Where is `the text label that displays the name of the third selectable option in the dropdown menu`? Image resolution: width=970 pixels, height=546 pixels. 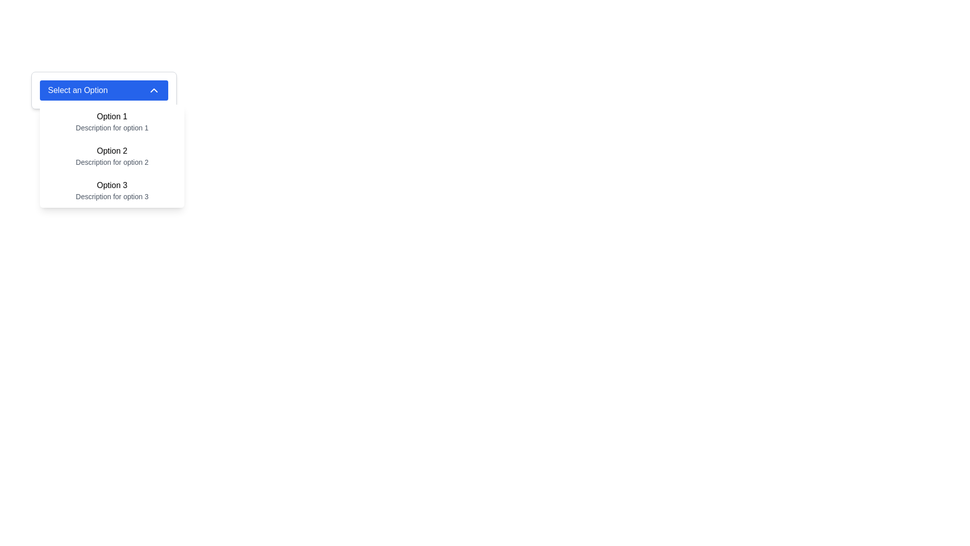 the text label that displays the name of the third selectable option in the dropdown menu is located at coordinates (112, 185).